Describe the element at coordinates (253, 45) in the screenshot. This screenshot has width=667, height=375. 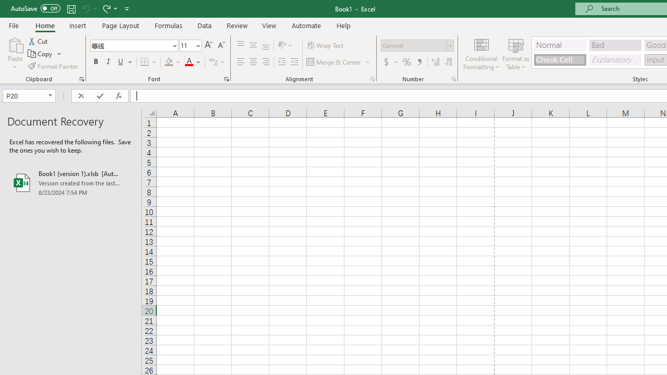
I see `'Middle Align'` at that location.